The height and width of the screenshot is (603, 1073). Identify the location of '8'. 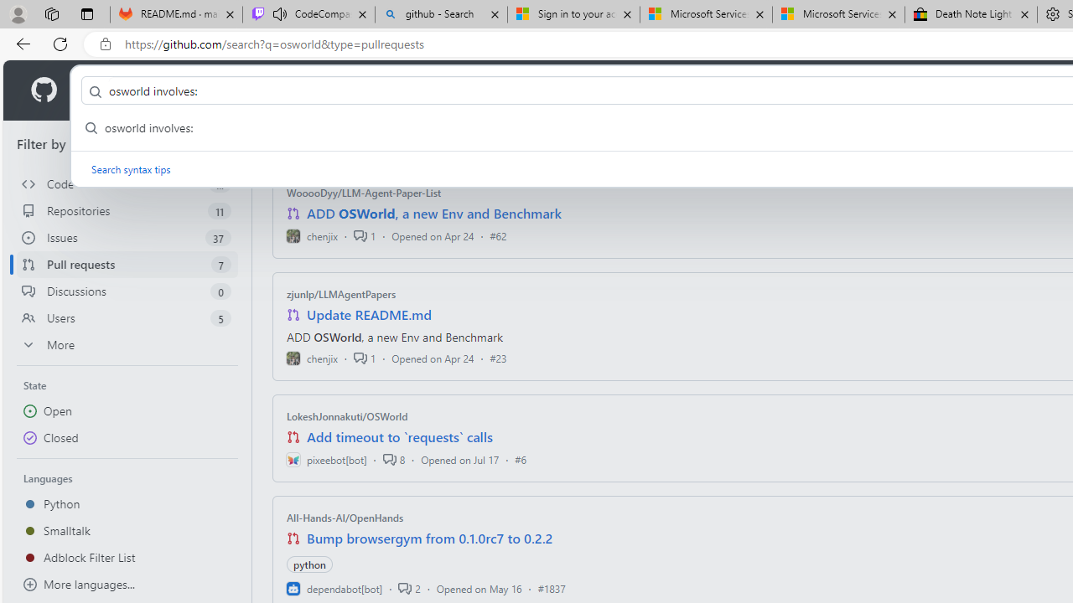
(392, 459).